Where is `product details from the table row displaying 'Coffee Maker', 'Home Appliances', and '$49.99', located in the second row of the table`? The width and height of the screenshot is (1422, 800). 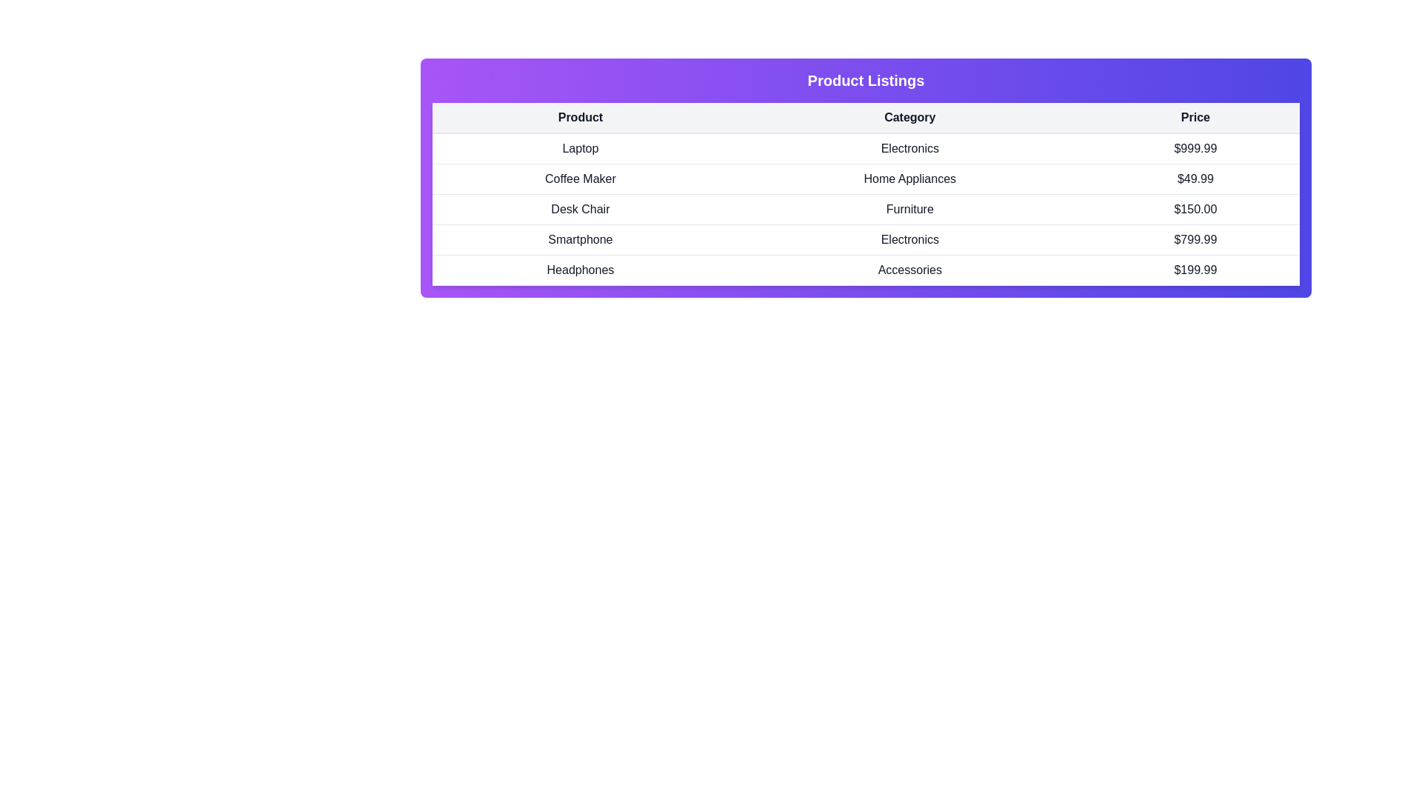 product details from the table row displaying 'Coffee Maker', 'Home Appliances', and '$49.99', located in the second row of the table is located at coordinates (866, 179).